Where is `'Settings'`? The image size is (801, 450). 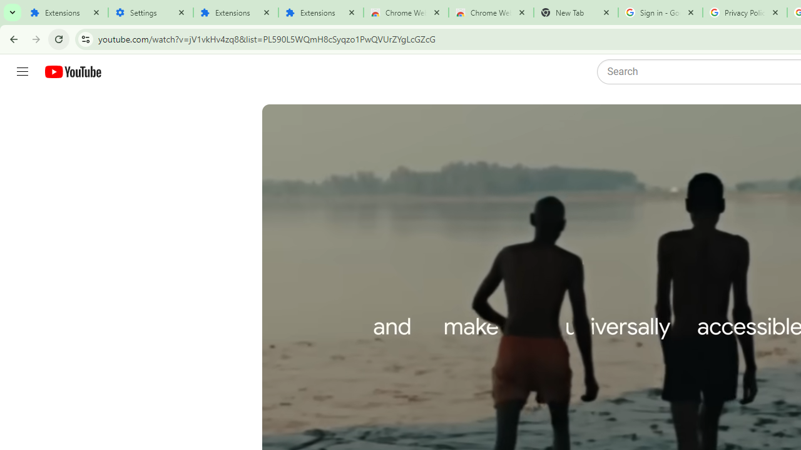 'Settings' is located at coordinates (150, 12).